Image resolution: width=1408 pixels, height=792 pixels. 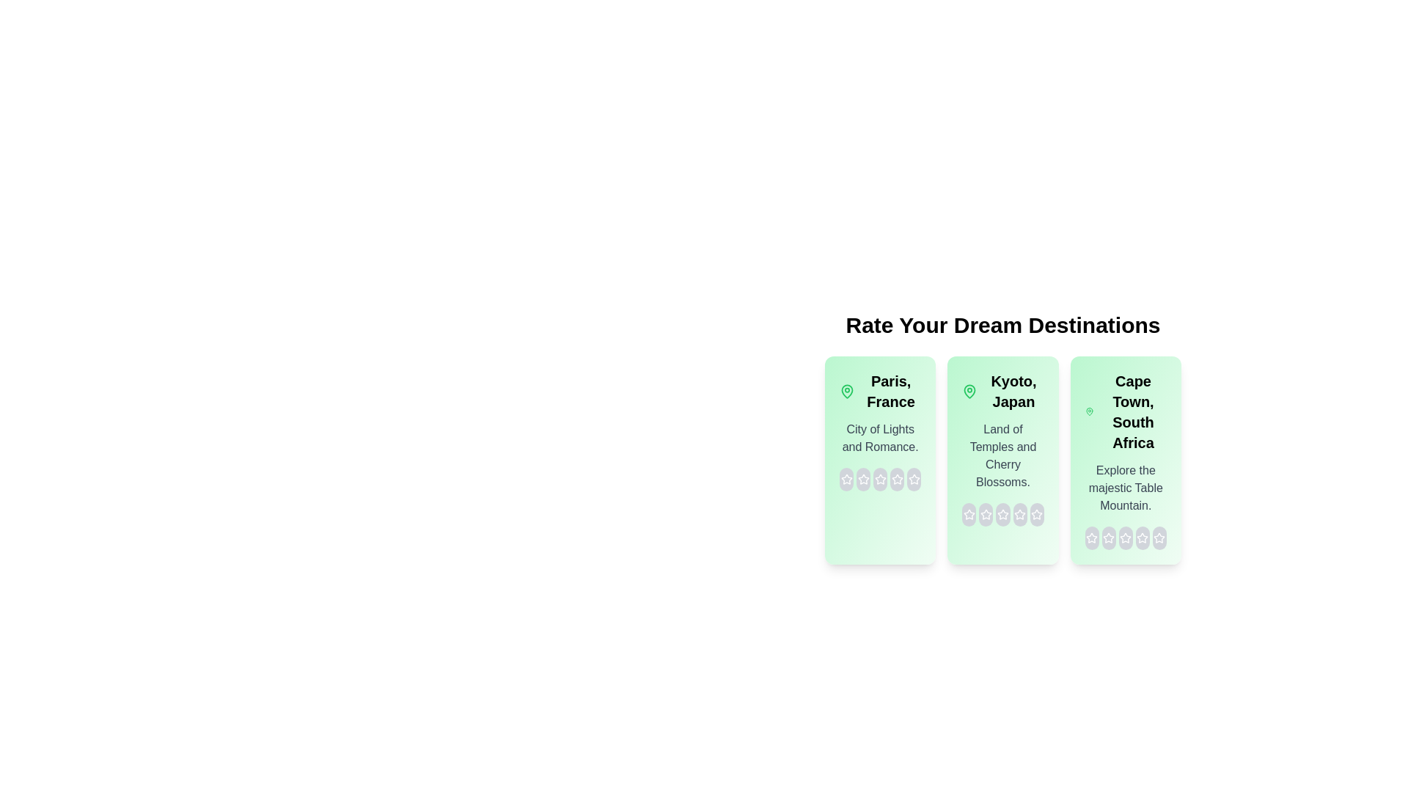 What do you see at coordinates (846, 480) in the screenshot?
I see `the rating for a destination to 1 stars` at bounding box center [846, 480].